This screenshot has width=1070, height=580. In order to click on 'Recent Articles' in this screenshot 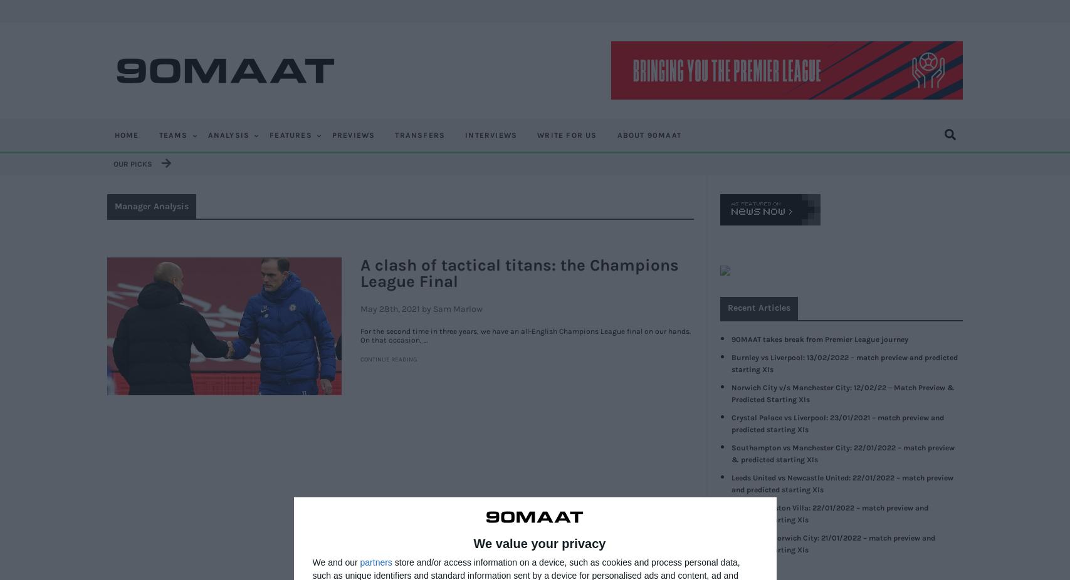, I will do `click(757, 307)`.